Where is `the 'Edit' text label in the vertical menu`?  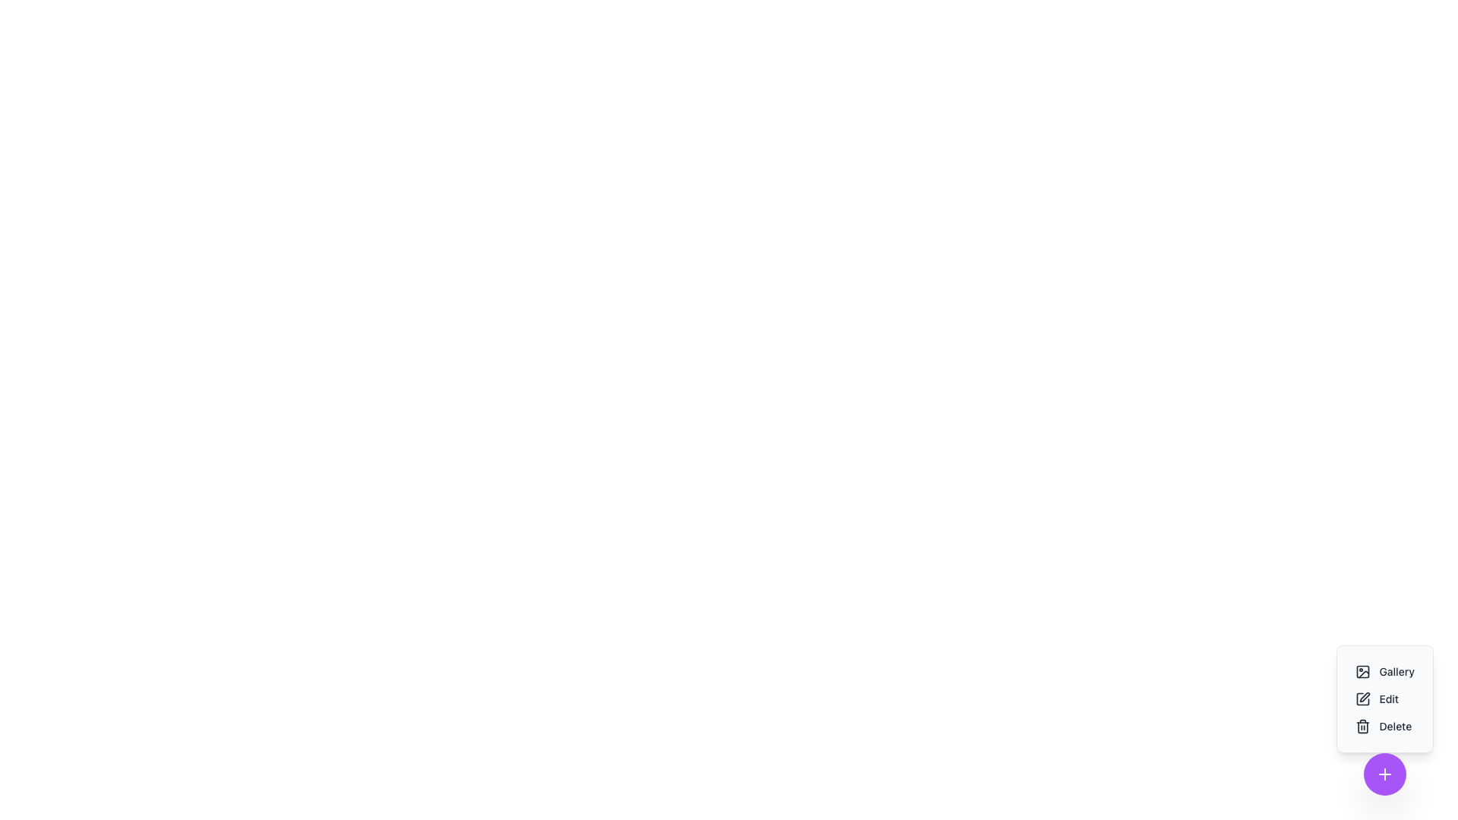 the 'Edit' text label in the vertical menu is located at coordinates (1389, 699).